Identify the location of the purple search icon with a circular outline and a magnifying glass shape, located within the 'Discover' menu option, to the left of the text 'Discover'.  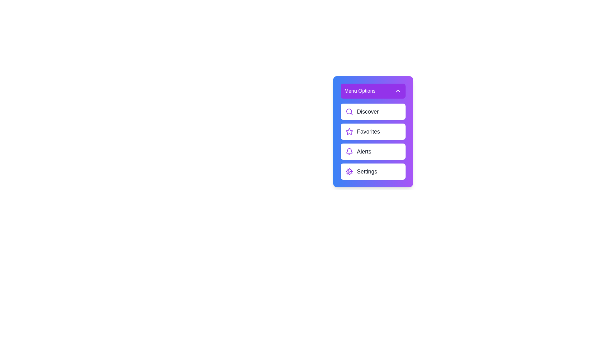
(349, 111).